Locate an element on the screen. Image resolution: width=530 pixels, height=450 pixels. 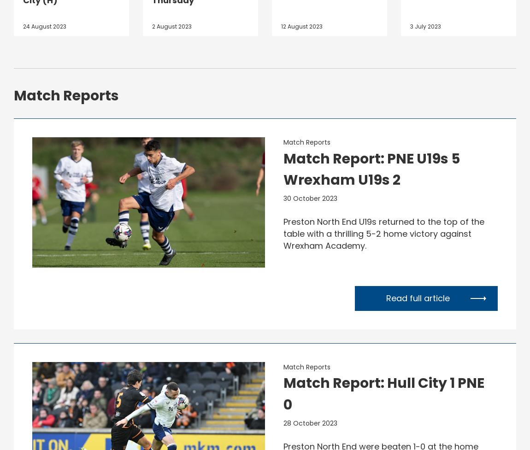
'30 October 2023' is located at coordinates (310, 198).